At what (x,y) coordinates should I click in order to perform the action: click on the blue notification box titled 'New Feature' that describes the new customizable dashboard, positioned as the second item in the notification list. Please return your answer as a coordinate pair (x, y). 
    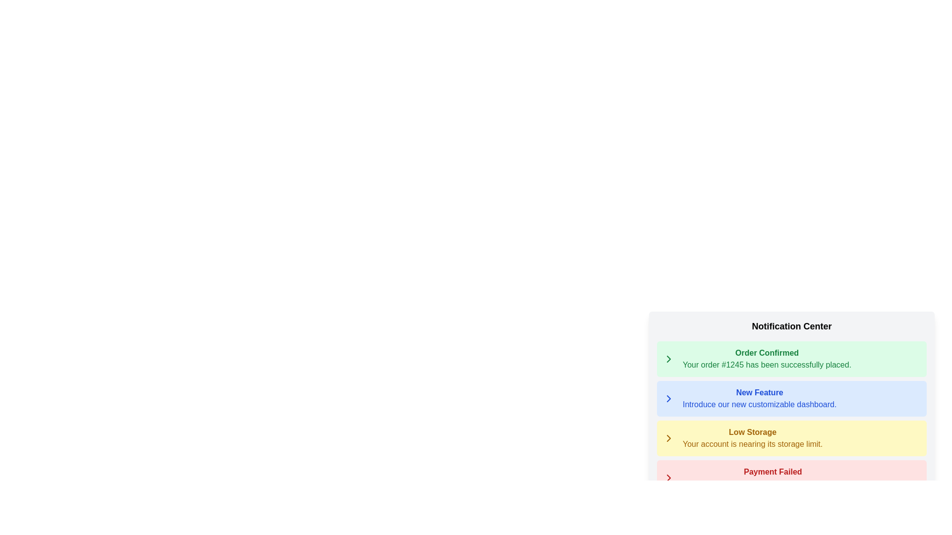
    Looking at the image, I should click on (791, 398).